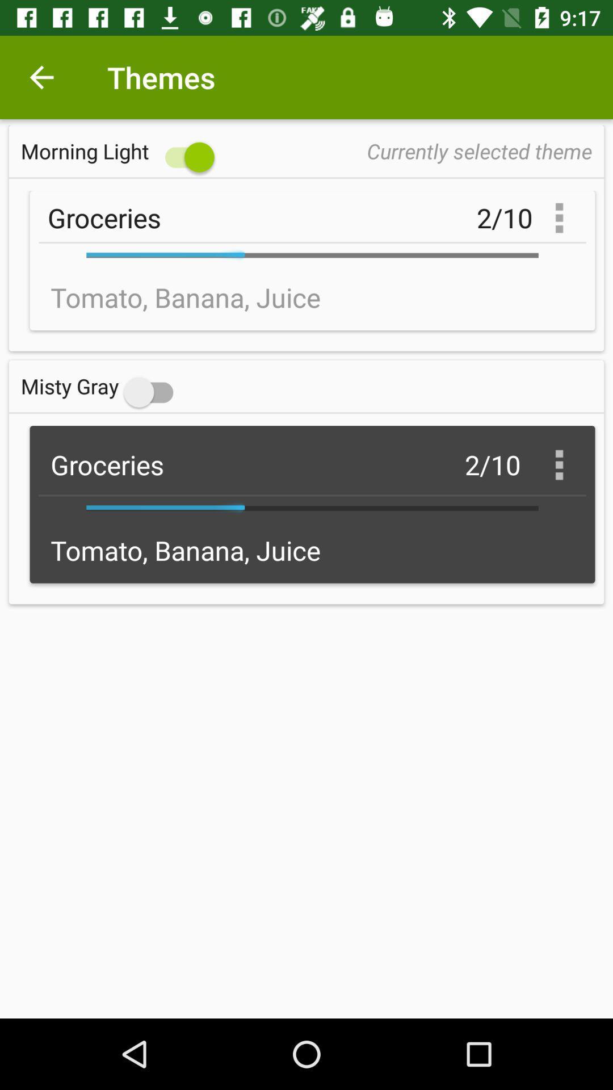  I want to click on the text below the misty gray, so click(313, 504).